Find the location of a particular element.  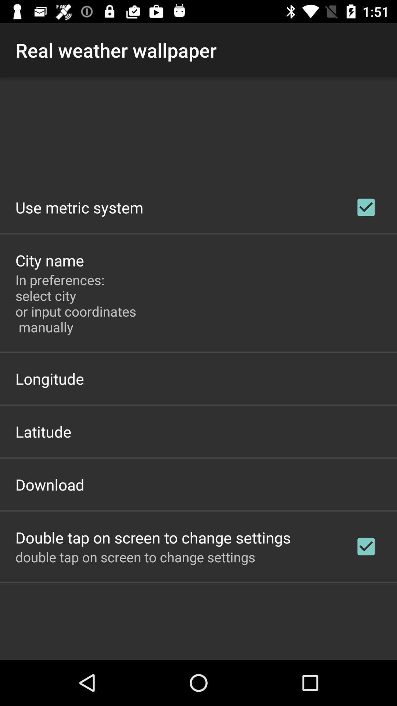

the latitude icon is located at coordinates (43, 431).